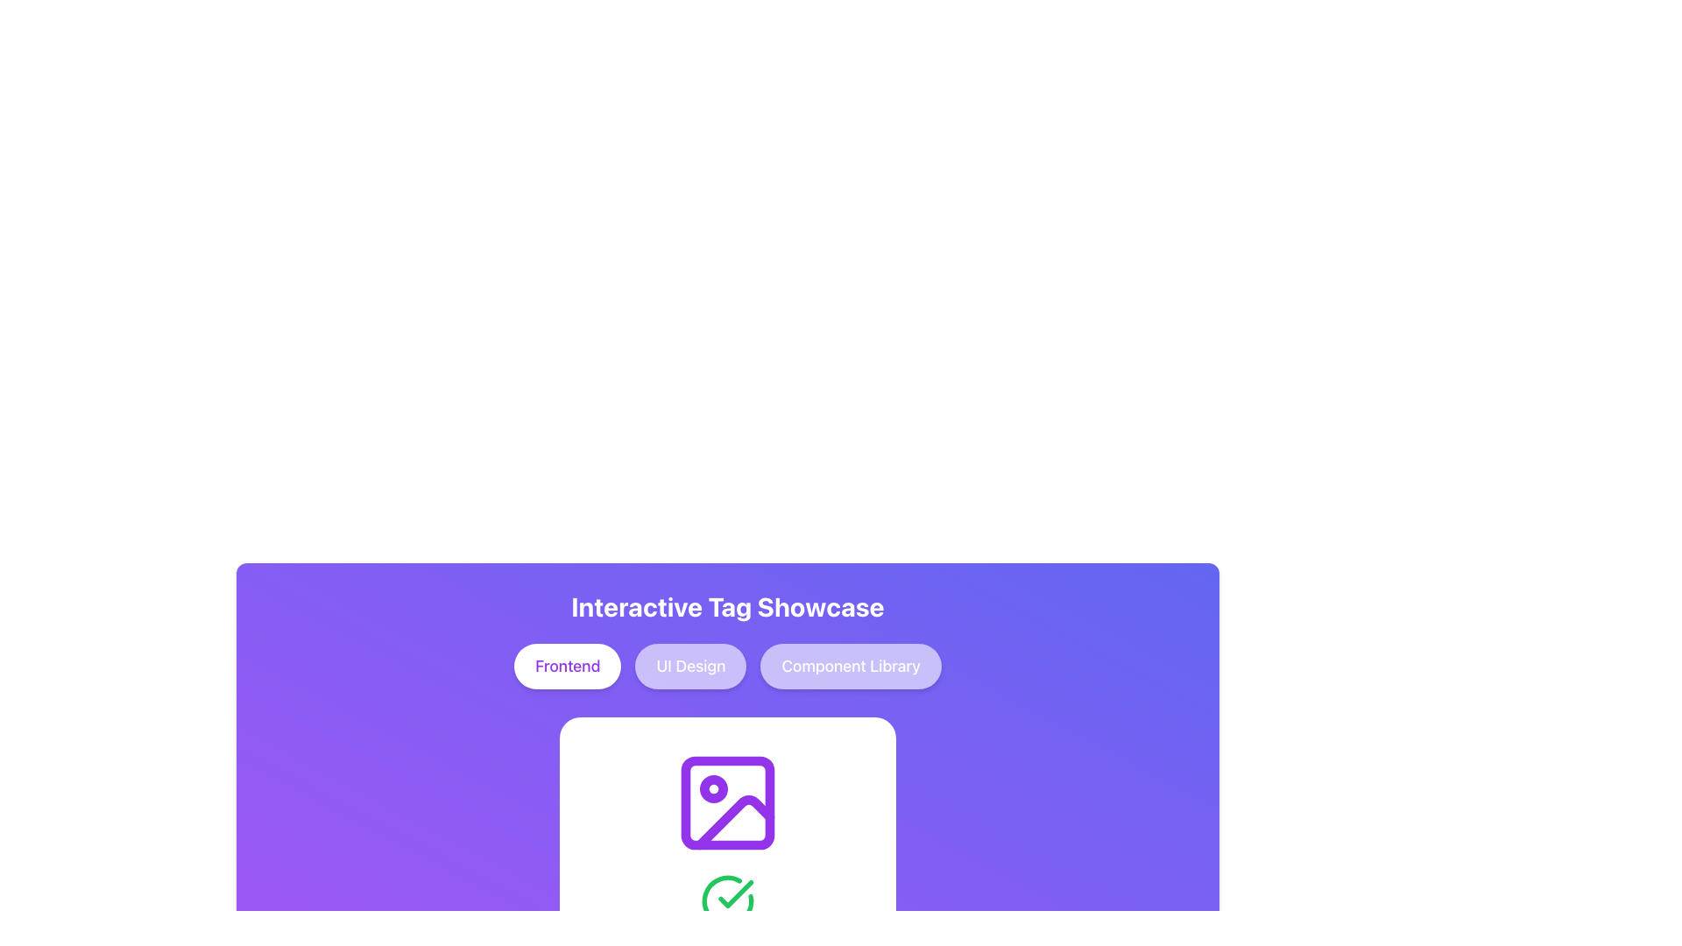  Describe the element at coordinates (727, 606) in the screenshot. I see `the static Text Label that introduces the section titled 'Interactive Tag Showcase', located at the top of the purple gradient card` at that location.